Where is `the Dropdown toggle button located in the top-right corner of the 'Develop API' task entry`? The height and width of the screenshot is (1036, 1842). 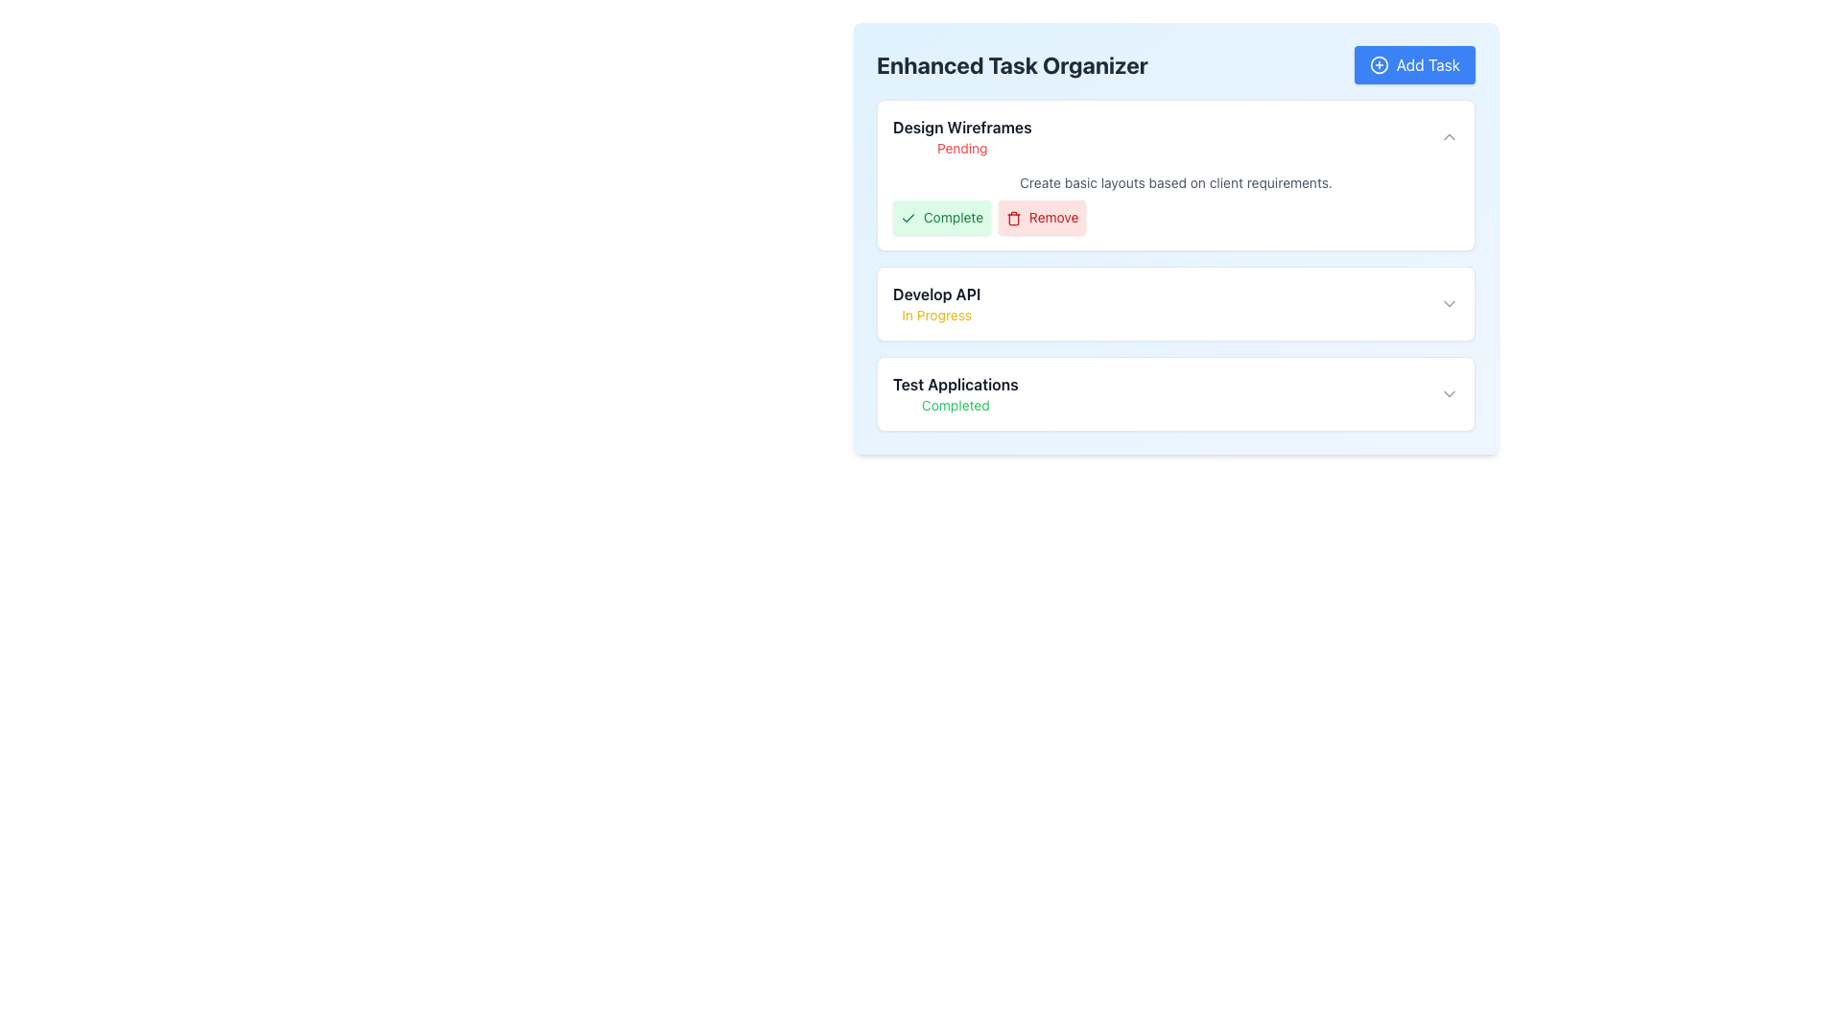
the Dropdown toggle button located in the top-right corner of the 'Develop API' task entry is located at coordinates (1450, 302).